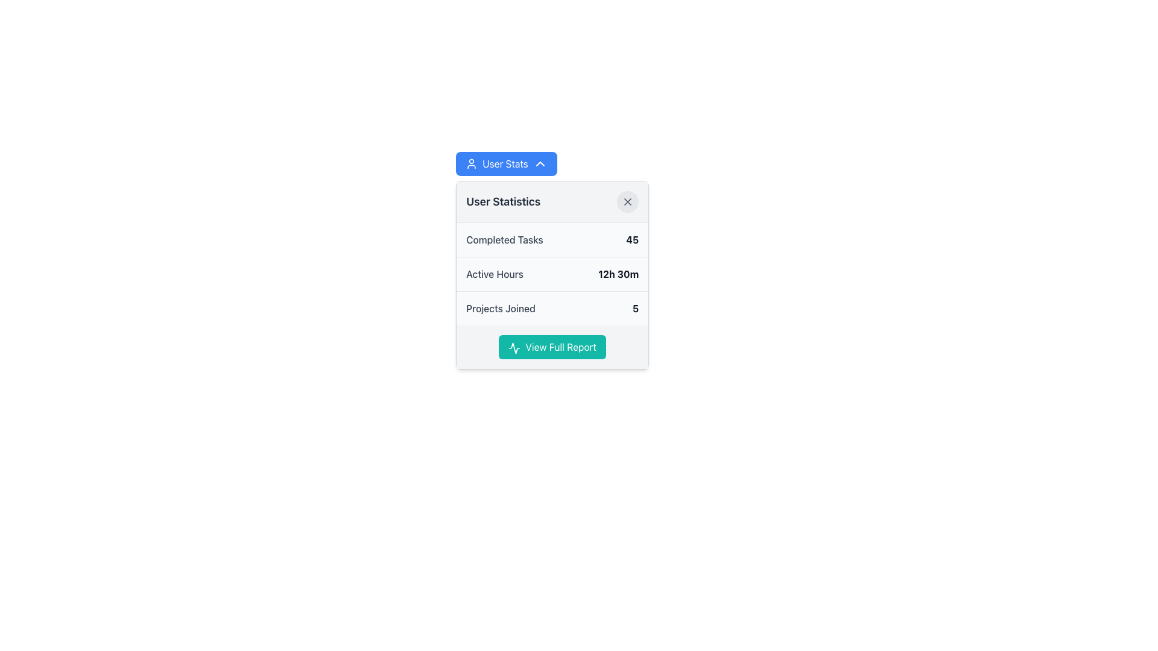 The width and height of the screenshot is (1158, 651). What do you see at coordinates (627, 201) in the screenshot?
I see `the close button (circular gray button with an 'X' icon) in the top-right corner of the 'User Statistics' header` at bounding box center [627, 201].